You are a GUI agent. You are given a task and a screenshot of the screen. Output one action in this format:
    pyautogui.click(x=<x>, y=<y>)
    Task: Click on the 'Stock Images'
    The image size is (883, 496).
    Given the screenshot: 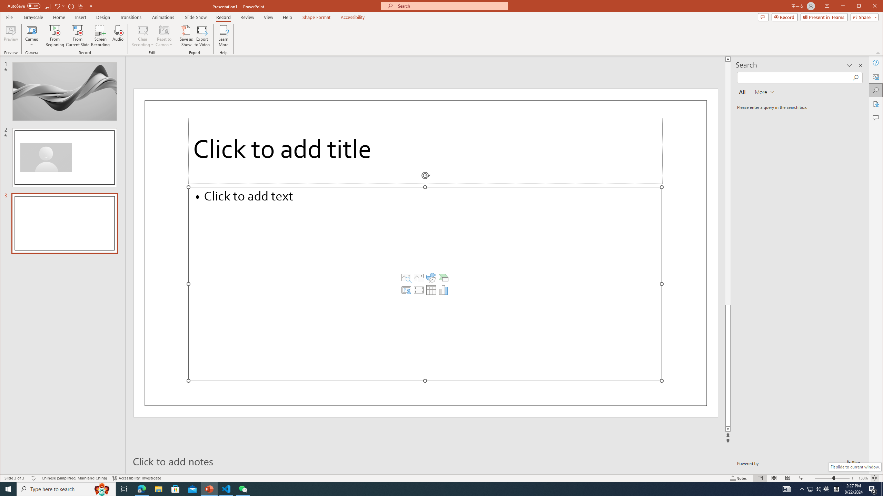 What is the action you would take?
    pyautogui.click(x=406, y=277)
    